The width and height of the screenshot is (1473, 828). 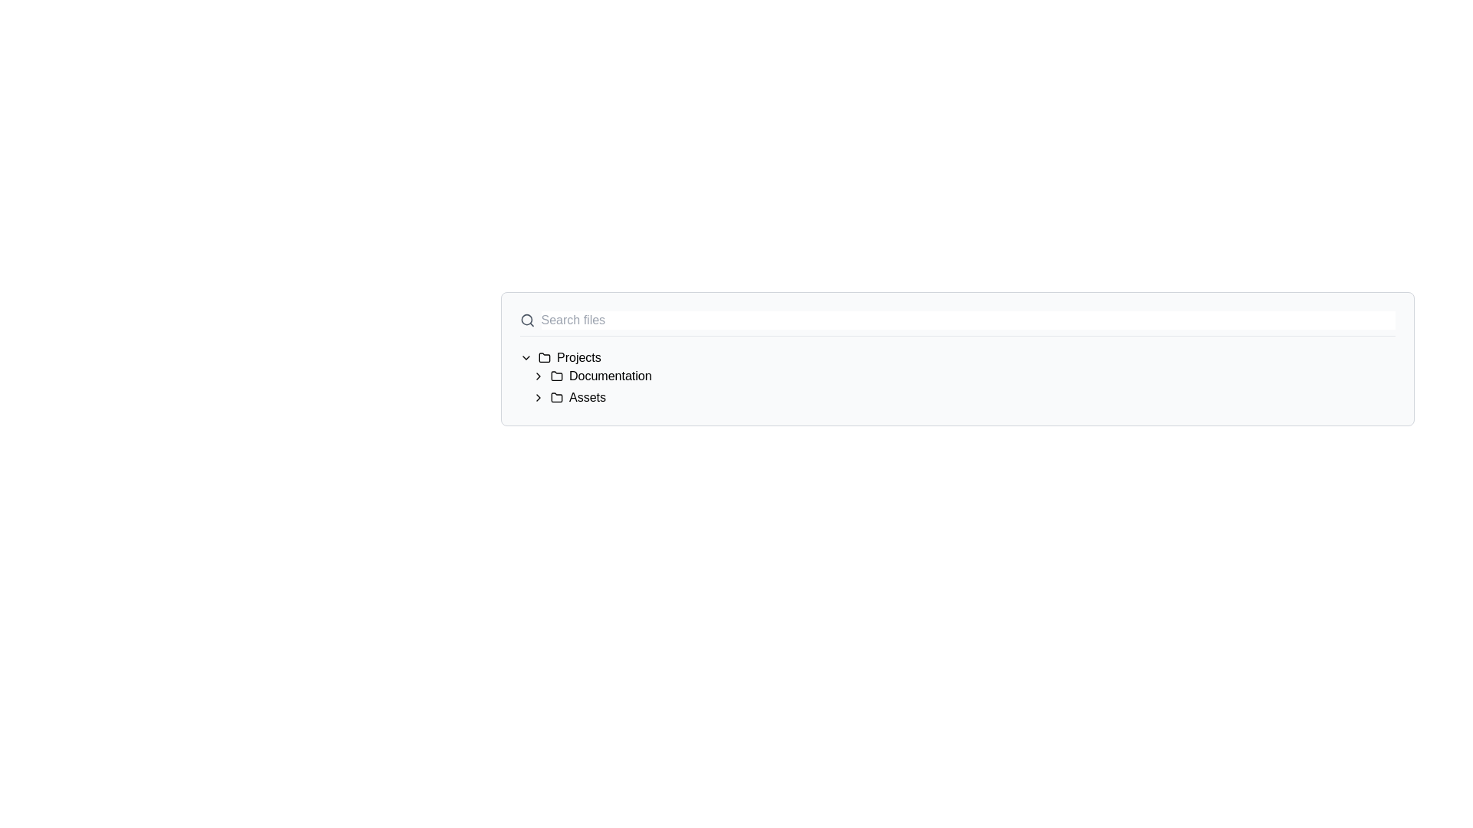 What do you see at coordinates (538, 376) in the screenshot?
I see `the Chevron icon located to the left of the 'Documentation' label` at bounding box center [538, 376].